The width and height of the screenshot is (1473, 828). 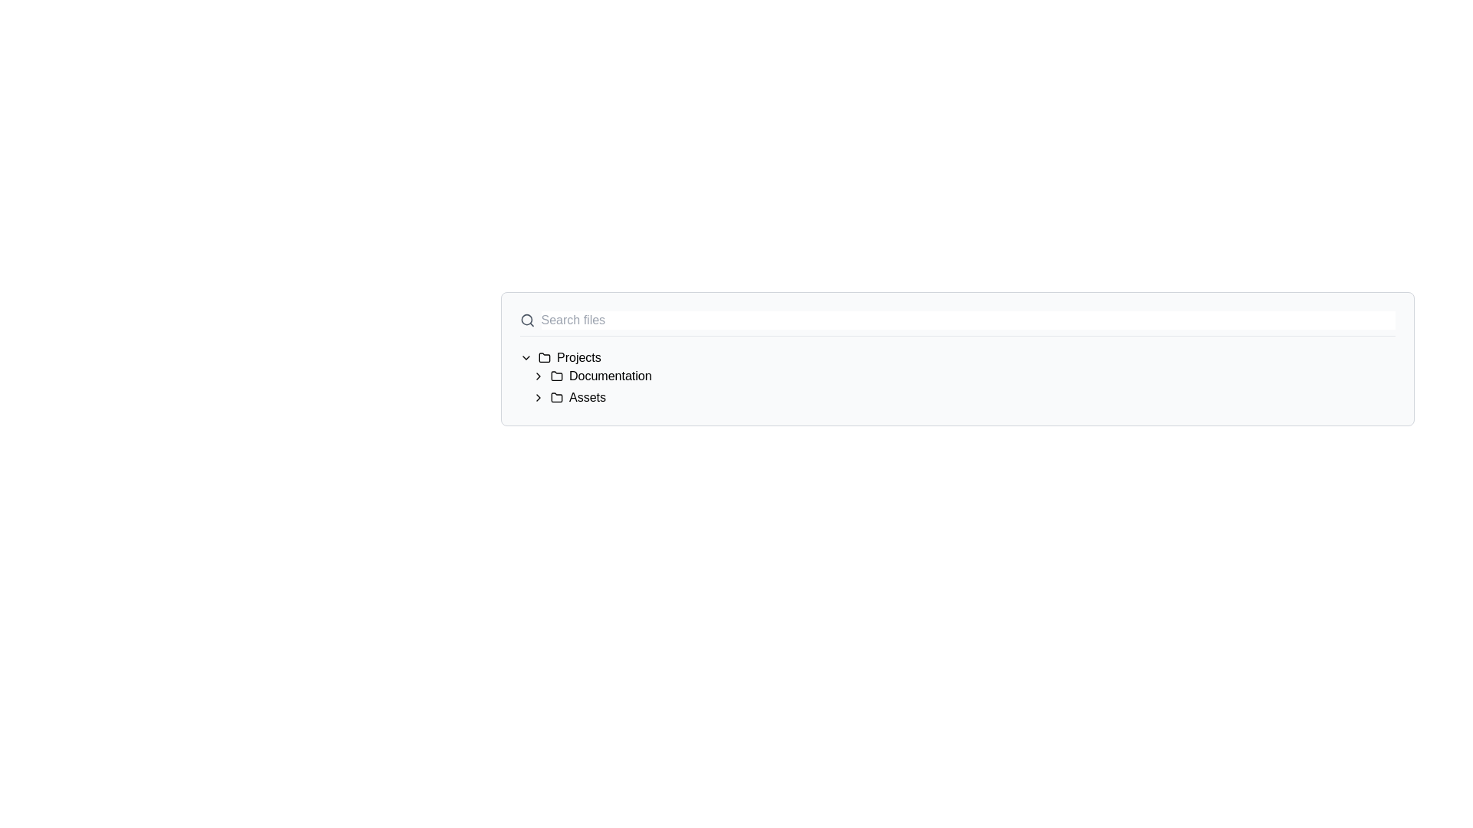 What do you see at coordinates (538, 376) in the screenshot?
I see `the Chevron icon located to the left of the 'Documentation' label` at bounding box center [538, 376].